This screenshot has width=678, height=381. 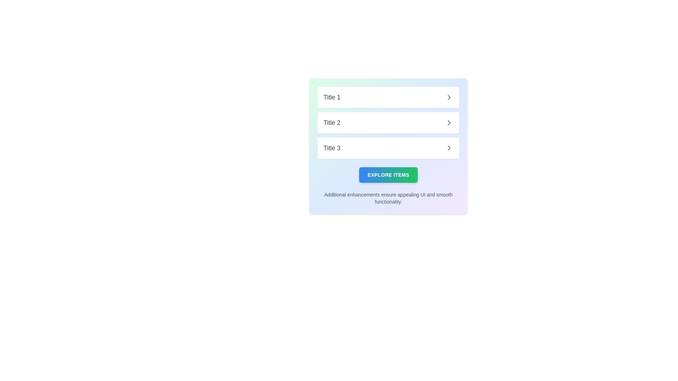 I want to click on the Static Text Label displaying 'Title 1', which is located in the topmost row of a vertical list, to the left of a chevron icon, so click(x=332, y=97).